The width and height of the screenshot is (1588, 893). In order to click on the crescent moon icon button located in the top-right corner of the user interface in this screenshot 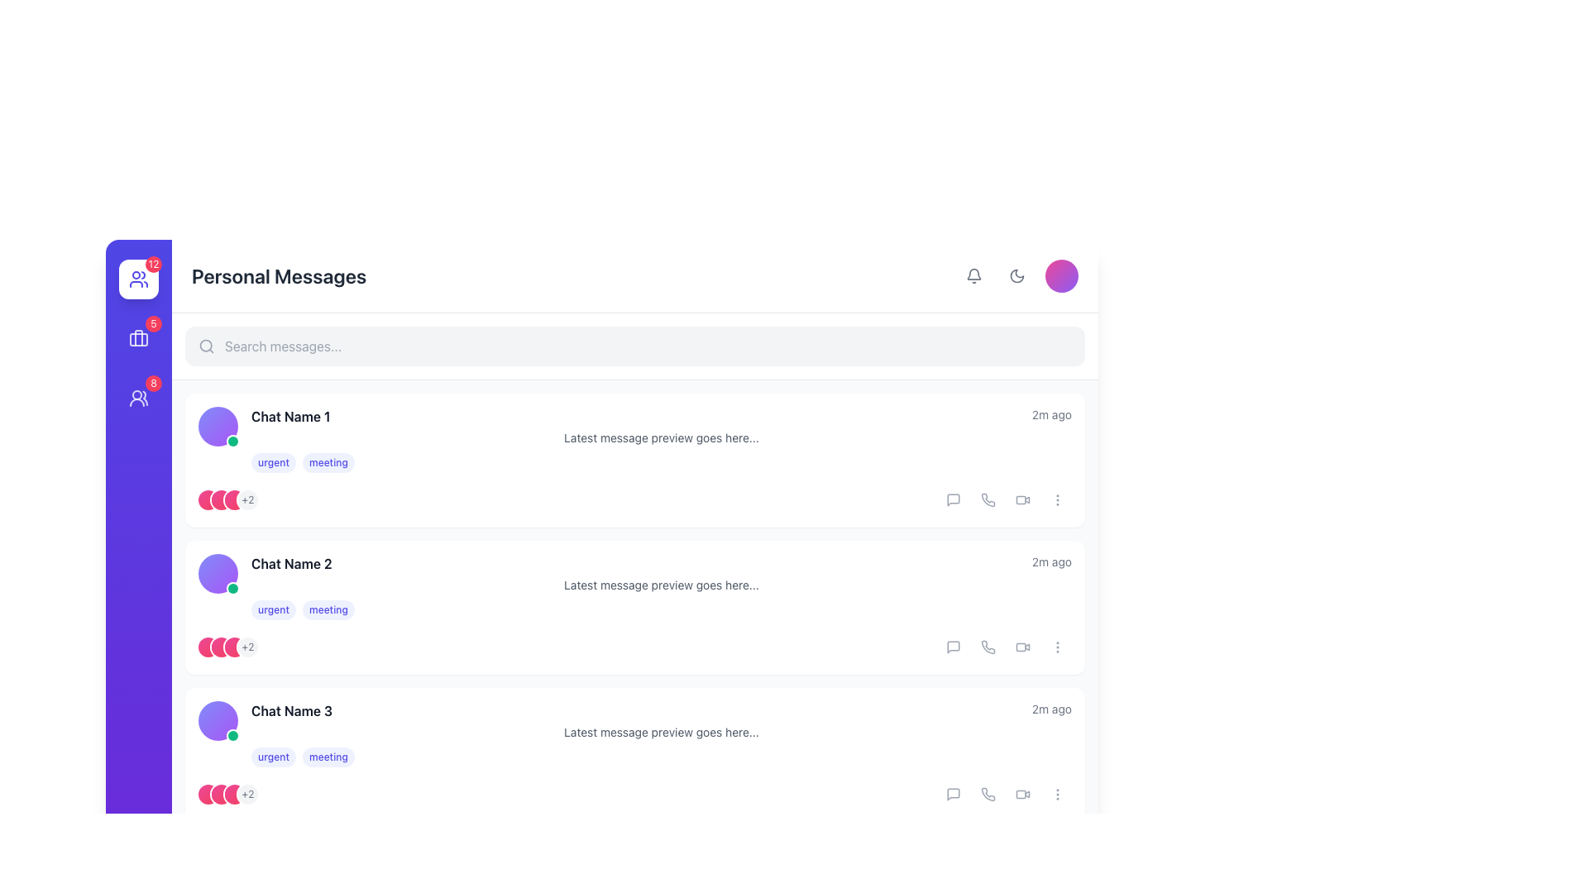, I will do `click(1016, 275)`.